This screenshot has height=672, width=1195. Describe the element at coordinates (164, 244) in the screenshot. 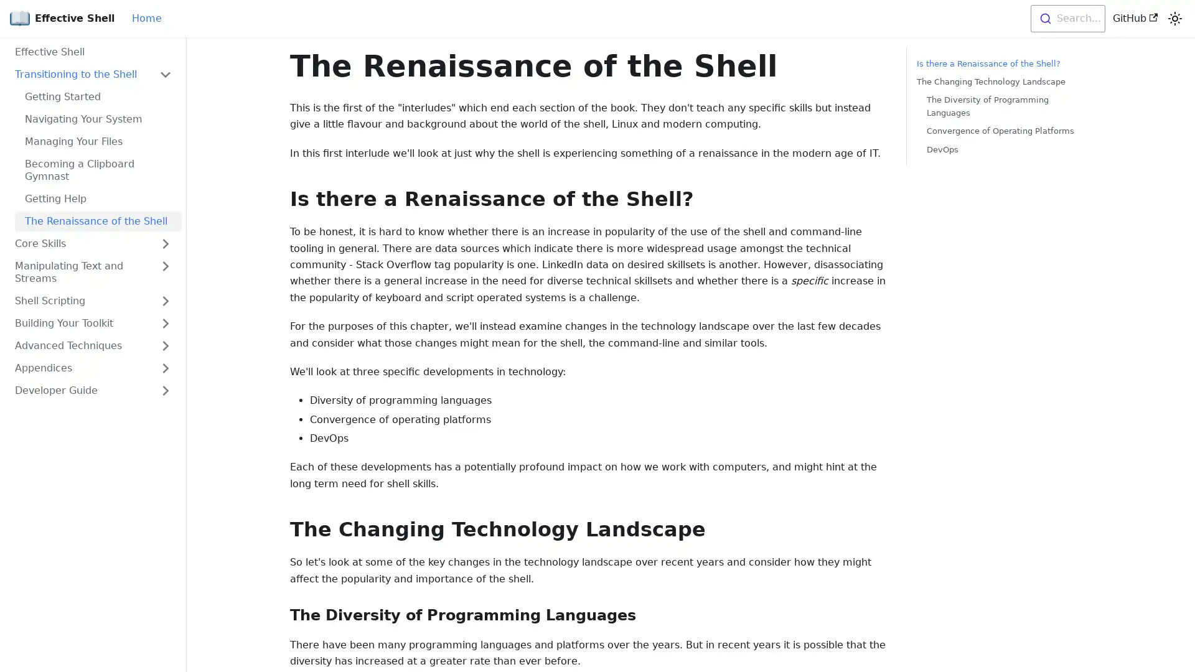

I see `Toggle the collapsible sidebar category 'Core Skills'` at that location.